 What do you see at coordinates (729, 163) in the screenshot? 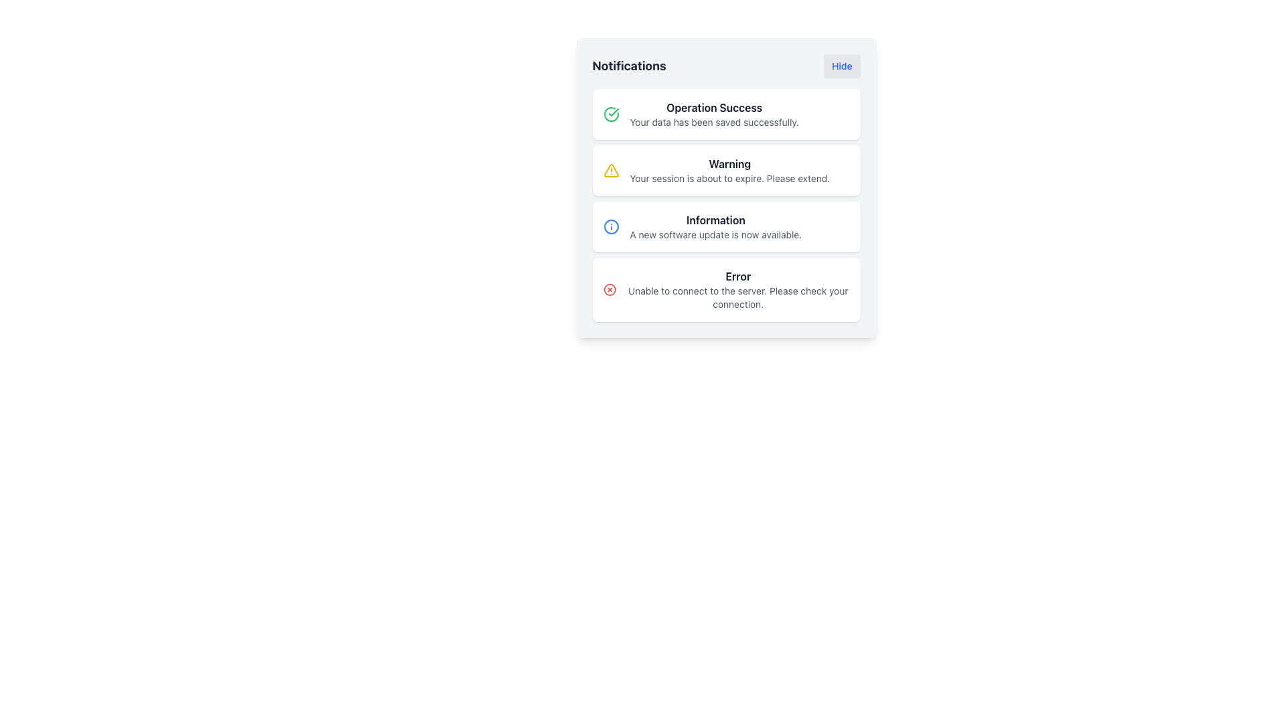
I see `text 'Warning' from the title text label of the second notification message in the notification panel` at bounding box center [729, 163].